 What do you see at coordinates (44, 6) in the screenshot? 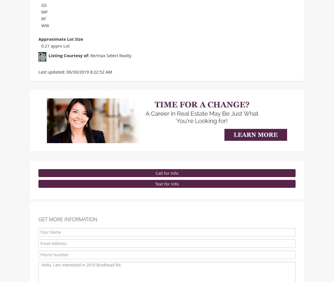
I see `'GS'` at bounding box center [44, 6].